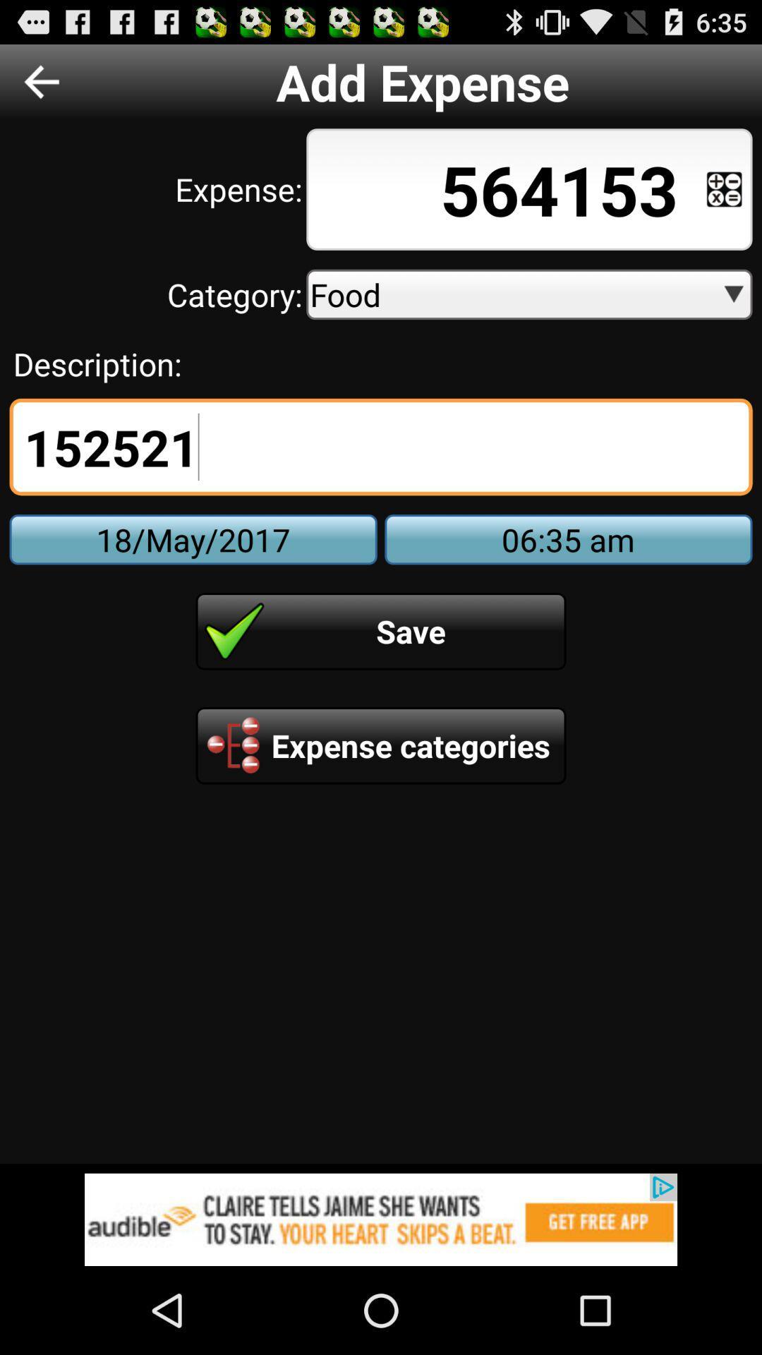 The width and height of the screenshot is (762, 1355). Describe the element at coordinates (724, 188) in the screenshot. I see `autoplay option` at that location.